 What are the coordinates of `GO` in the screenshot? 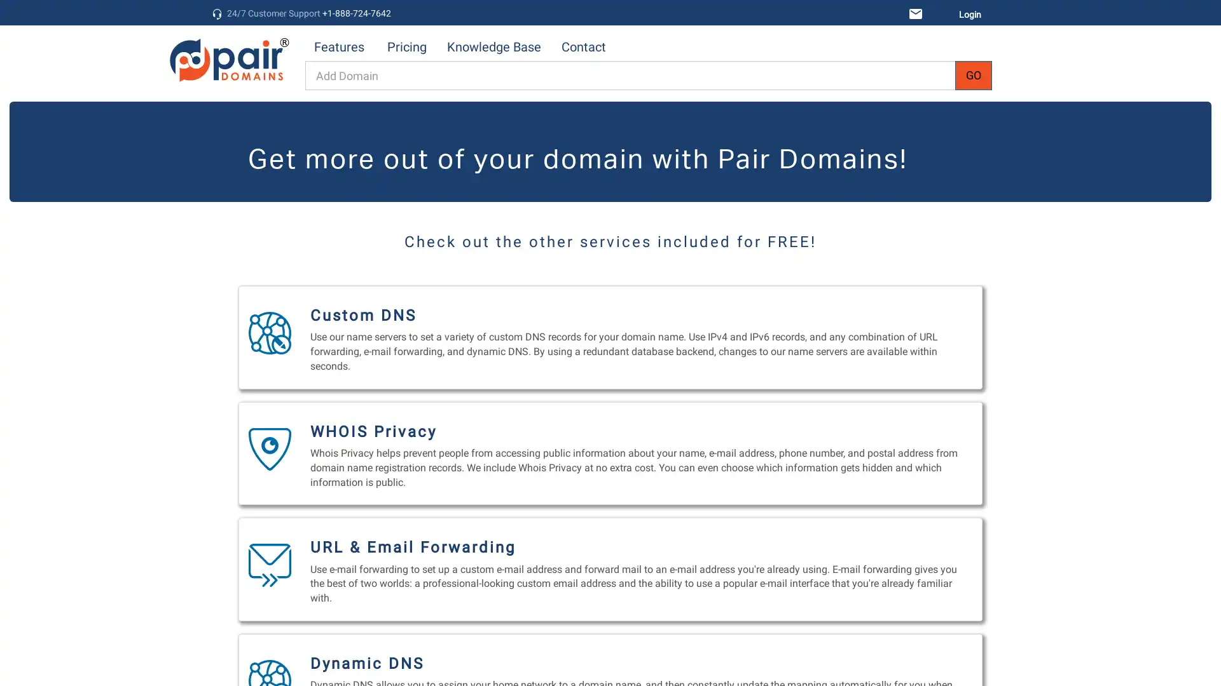 It's located at (973, 76).